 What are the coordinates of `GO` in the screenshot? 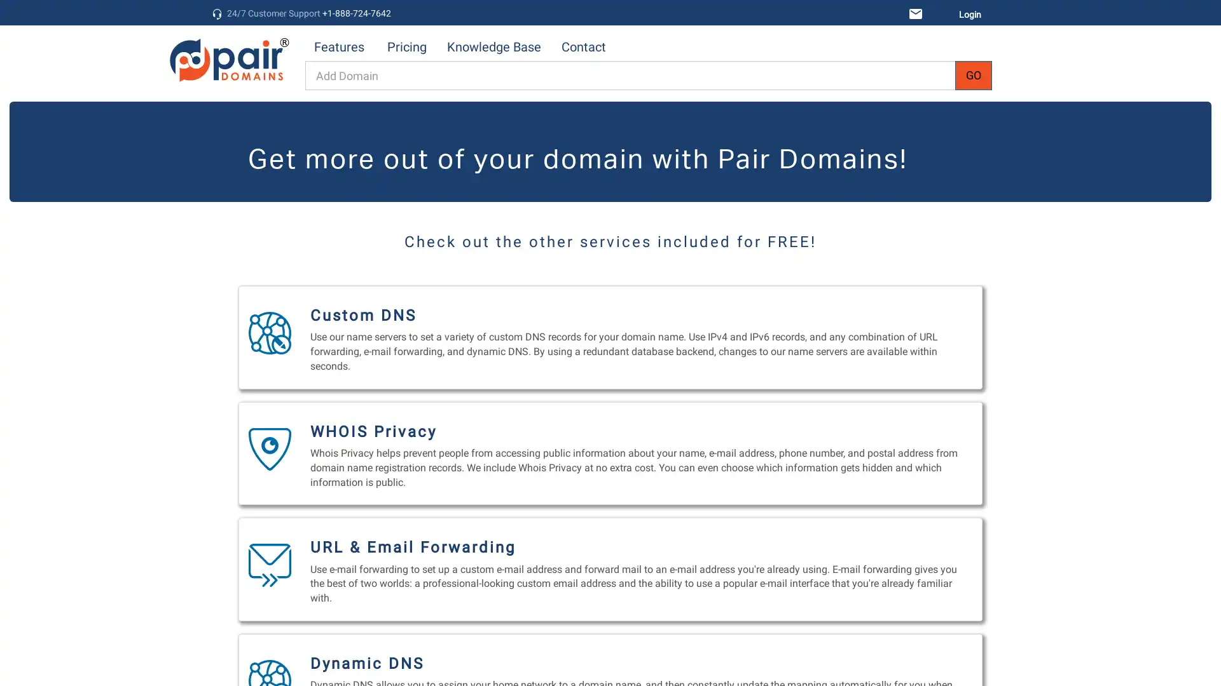 It's located at (973, 76).